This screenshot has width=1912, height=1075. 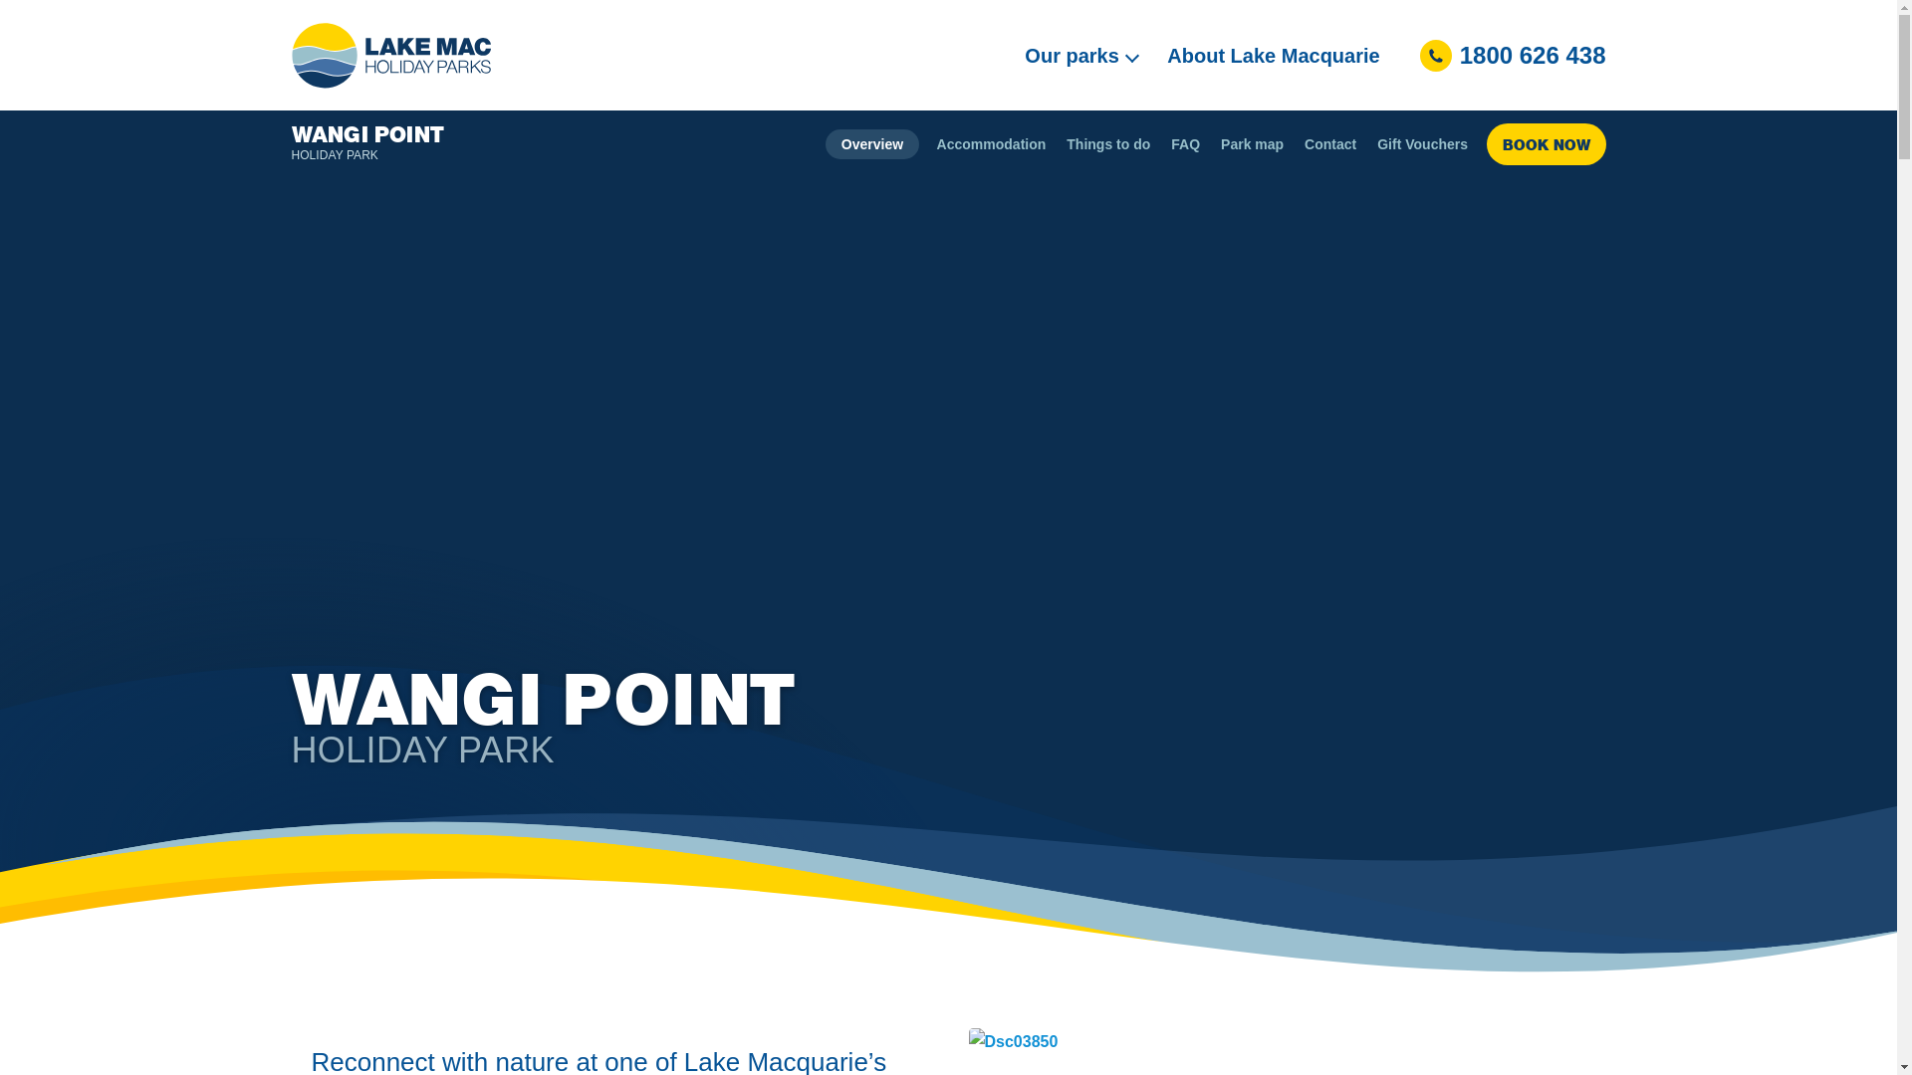 What do you see at coordinates (1513, 53) in the screenshot?
I see `'1800 626 438'` at bounding box center [1513, 53].